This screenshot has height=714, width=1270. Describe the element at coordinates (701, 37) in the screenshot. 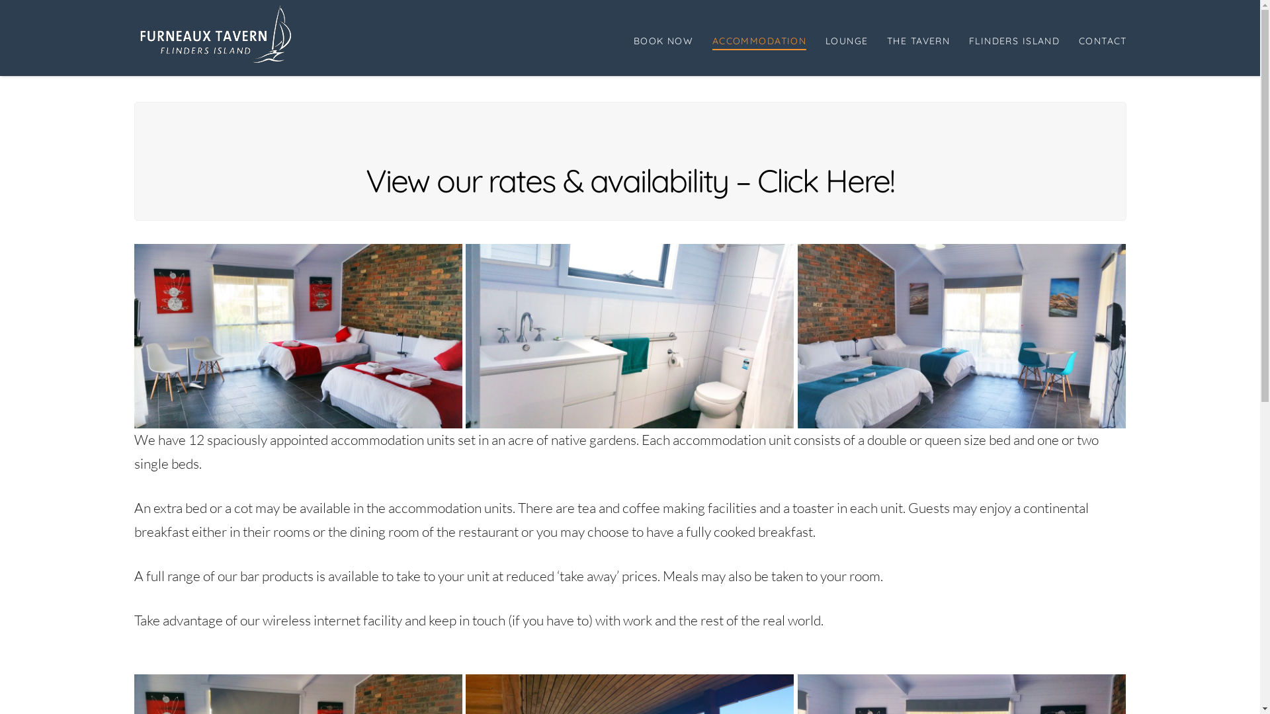

I see `'ACCOMMODATION'` at that location.